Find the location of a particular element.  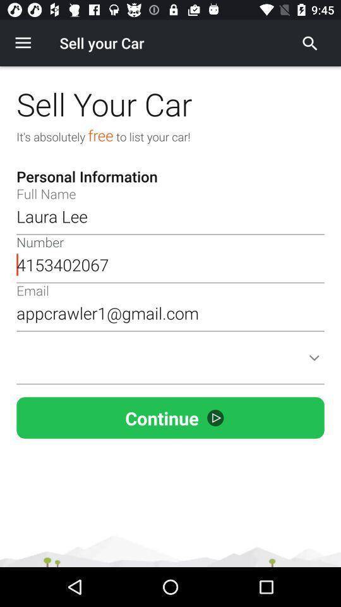

the icon next to the sell your car is located at coordinates (23, 43).